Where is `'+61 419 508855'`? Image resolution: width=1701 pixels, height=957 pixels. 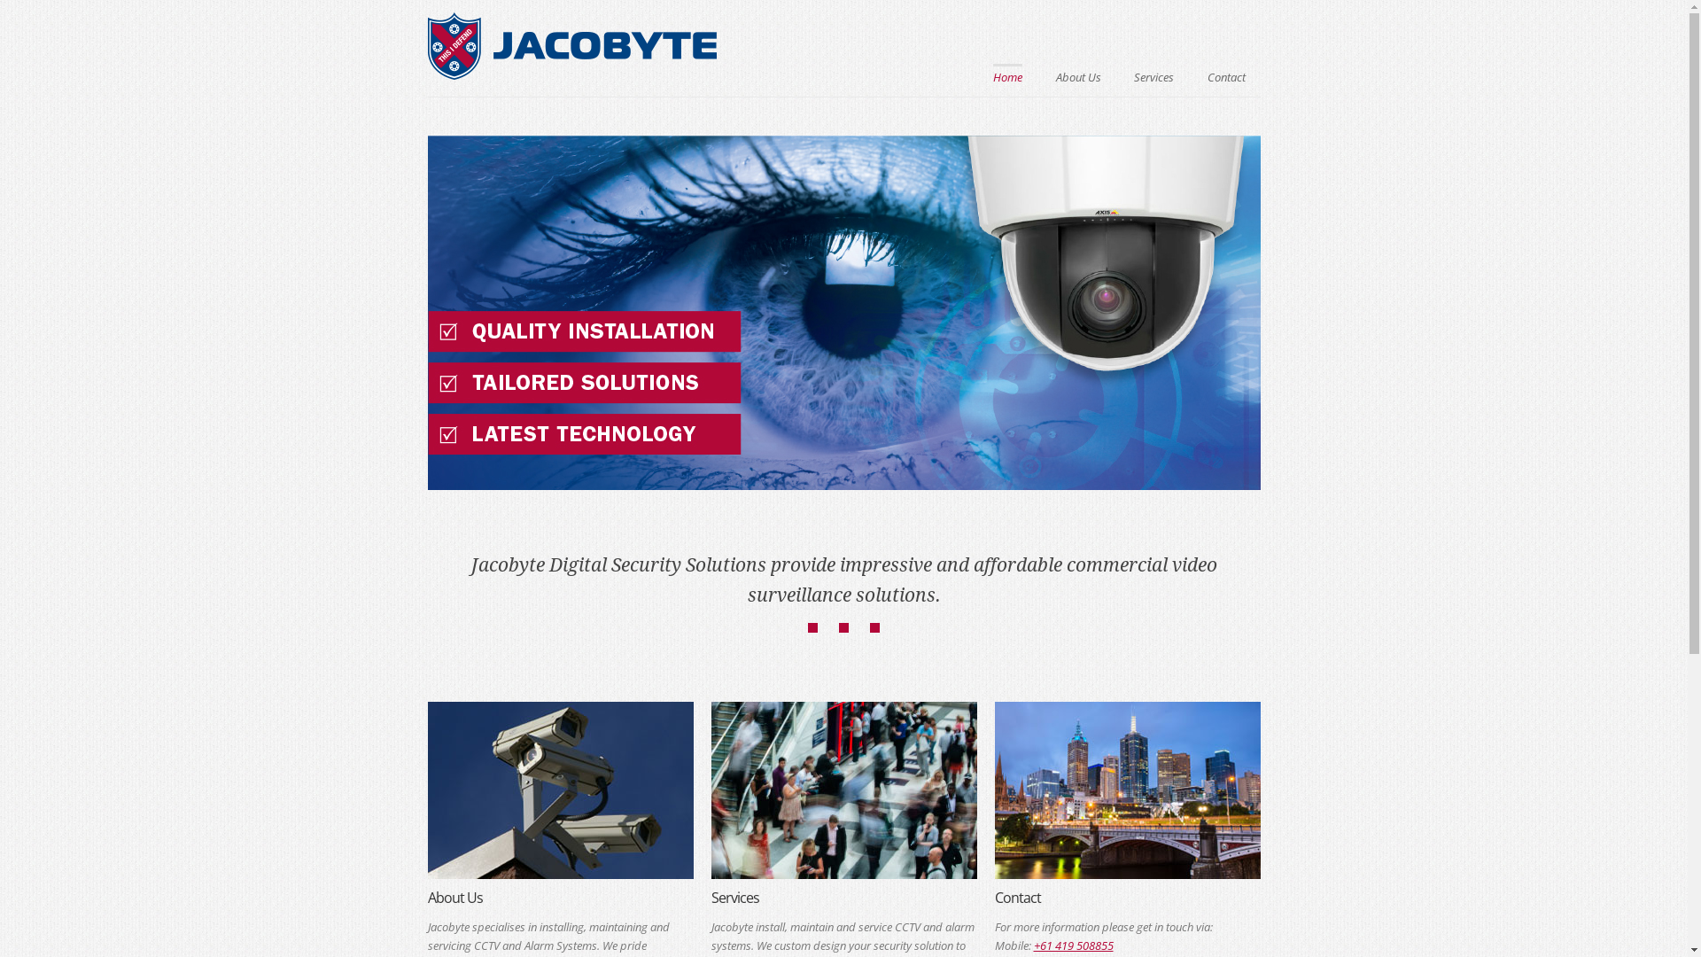 '+61 419 508855' is located at coordinates (1033, 945).